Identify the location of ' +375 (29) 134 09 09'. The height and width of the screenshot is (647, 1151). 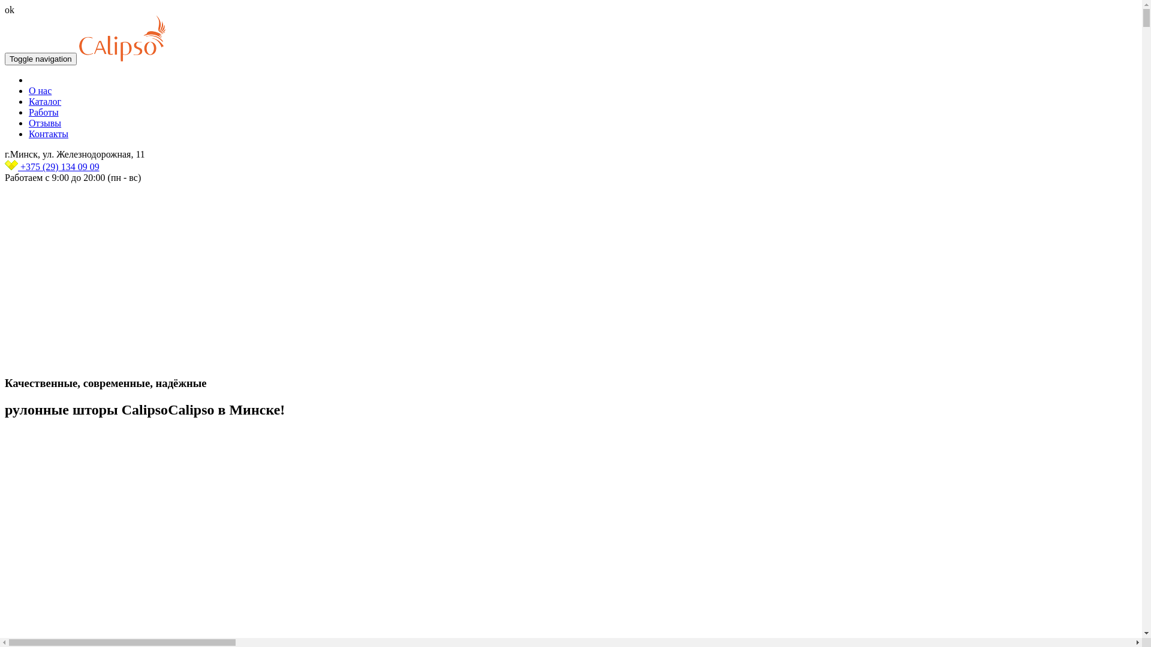
(5, 167).